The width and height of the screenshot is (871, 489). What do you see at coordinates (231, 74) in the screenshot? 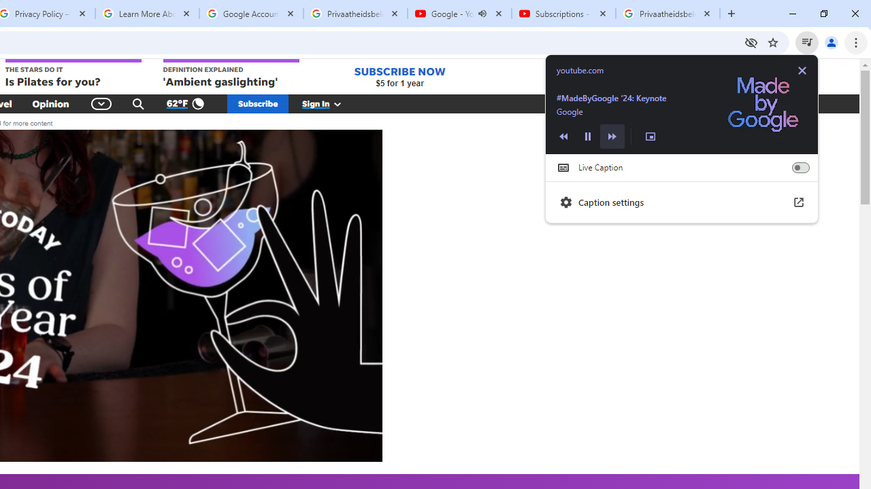
I see `'DEFINITION EXPLAINED '` at bounding box center [231, 74].